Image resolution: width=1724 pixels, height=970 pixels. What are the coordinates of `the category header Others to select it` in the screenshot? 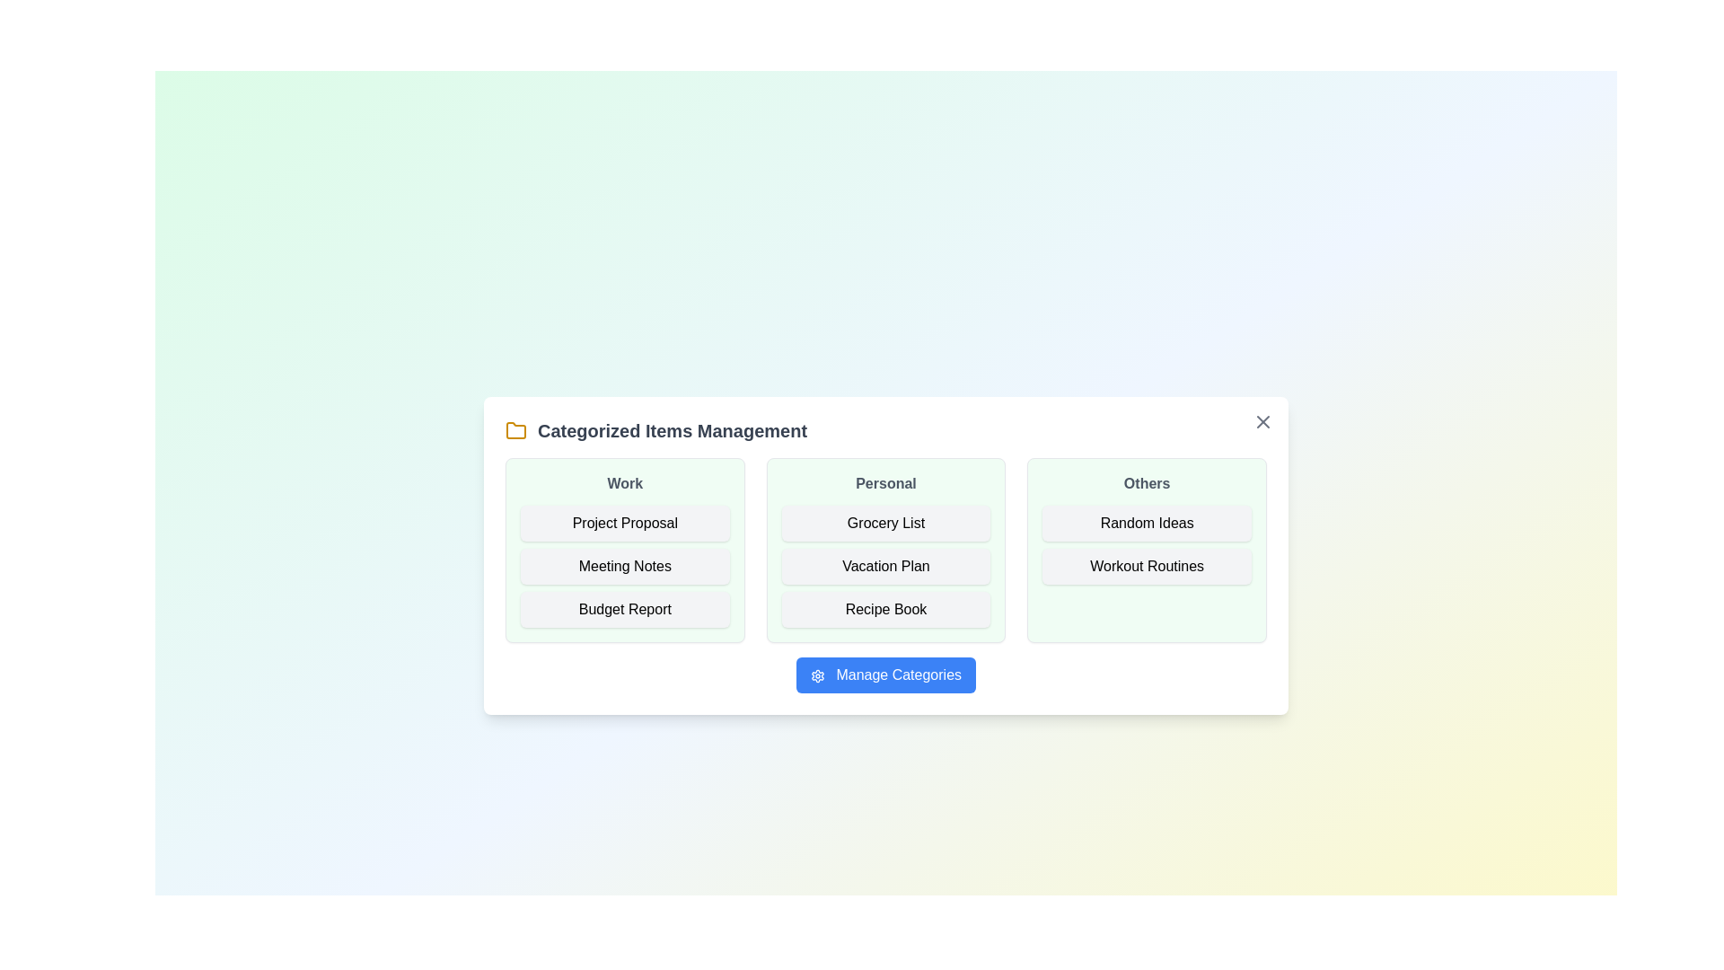 It's located at (1146, 483).